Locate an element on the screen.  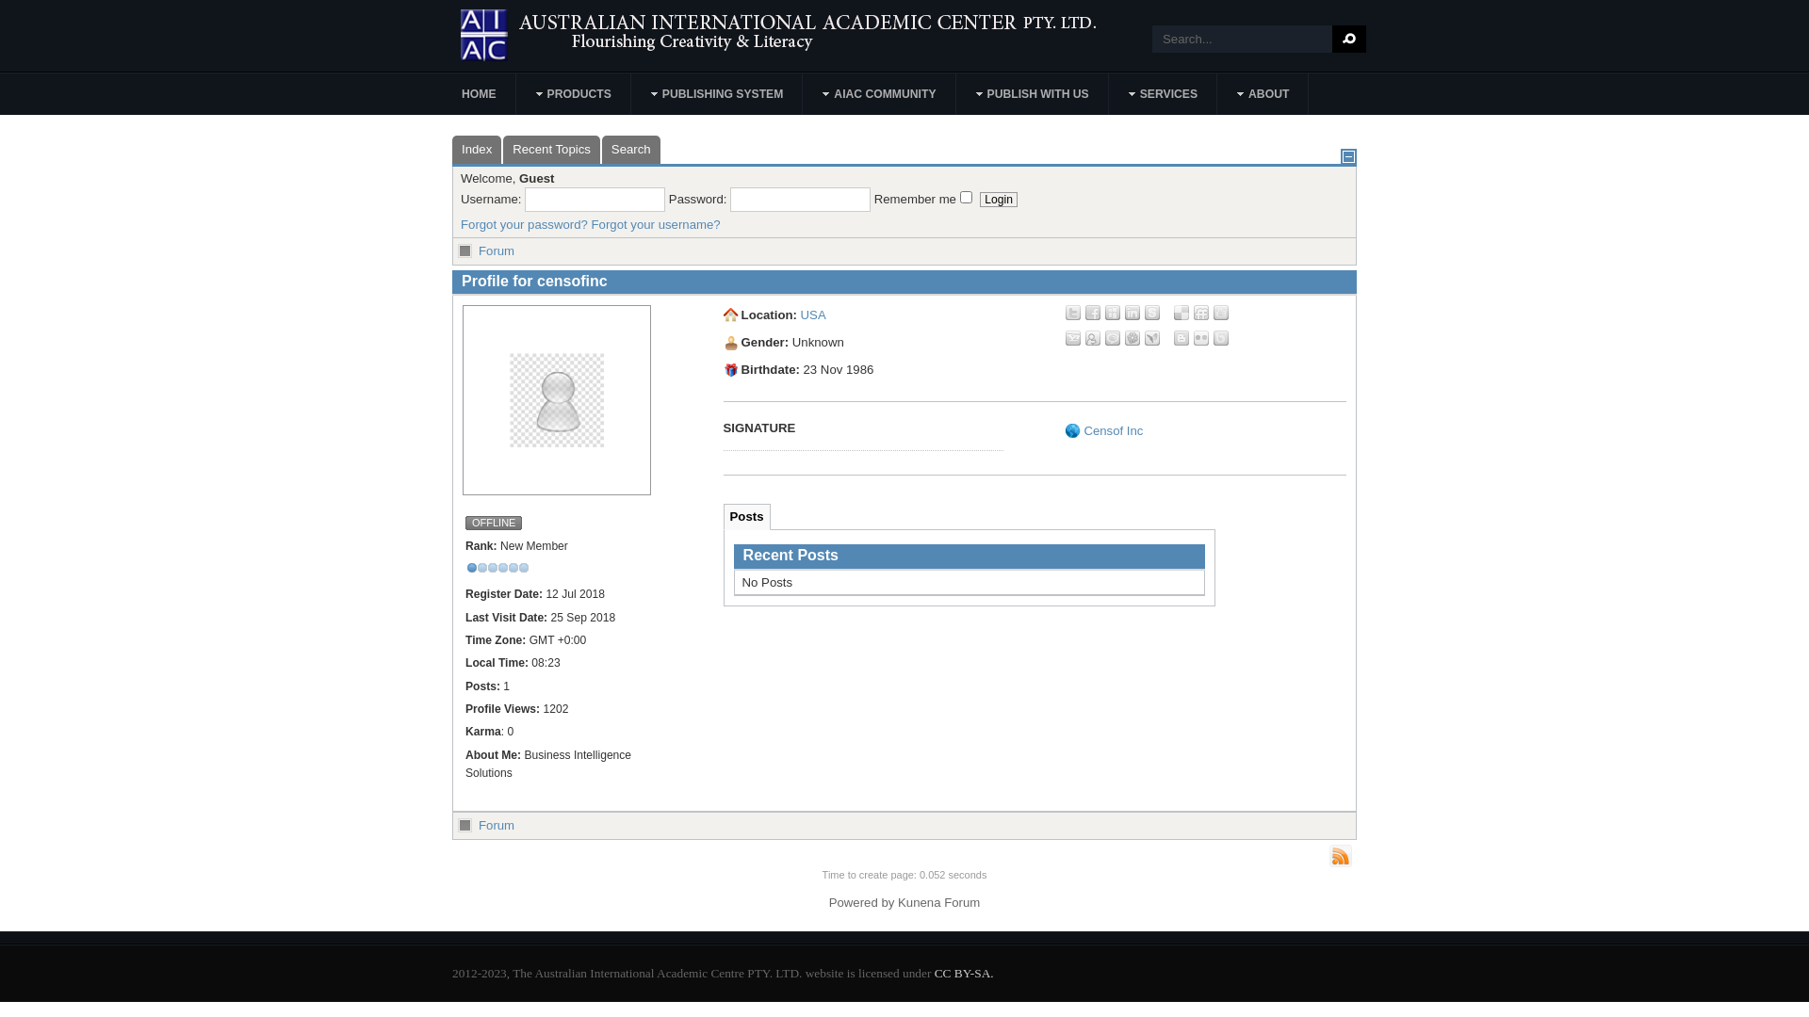
'PRODUCTS' is located at coordinates (573, 94).